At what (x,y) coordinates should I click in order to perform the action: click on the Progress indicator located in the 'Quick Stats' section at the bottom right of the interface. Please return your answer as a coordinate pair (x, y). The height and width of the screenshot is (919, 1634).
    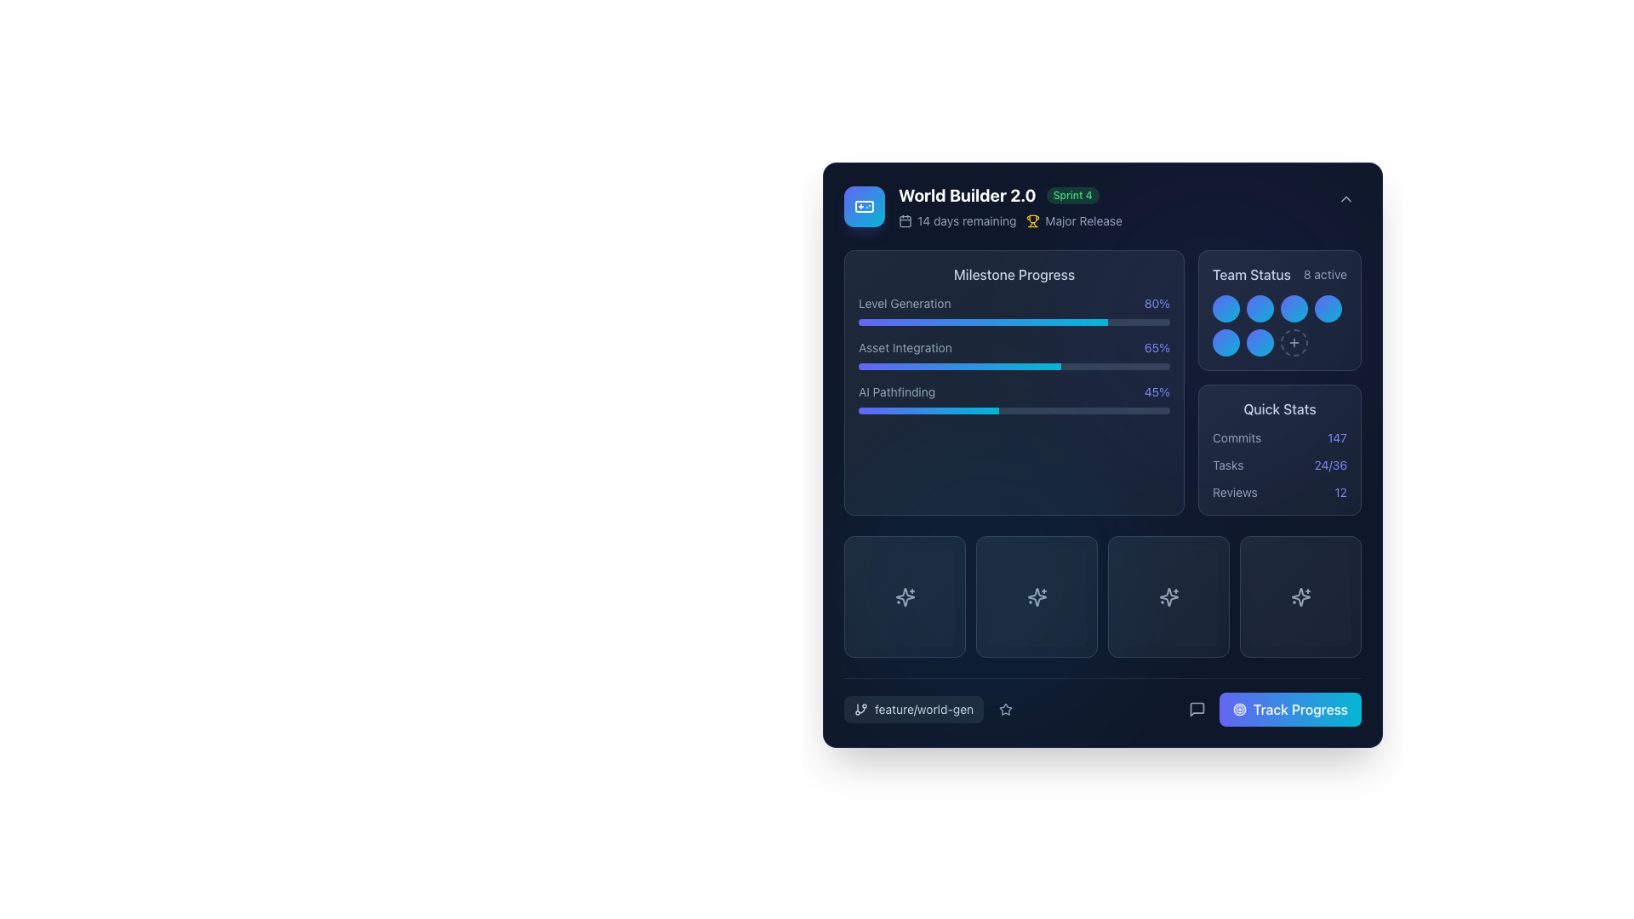
    Looking at the image, I should click on (1279, 465).